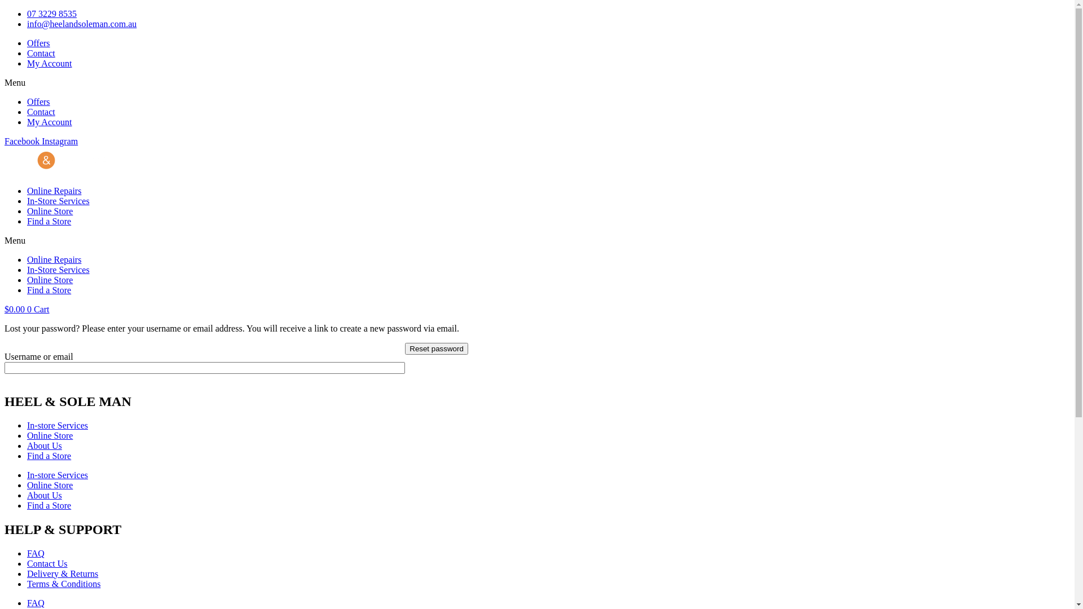  What do you see at coordinates (27, 14) in the screenshot?
I see `'07 3229 8535'` at bounding box center [27, 14].